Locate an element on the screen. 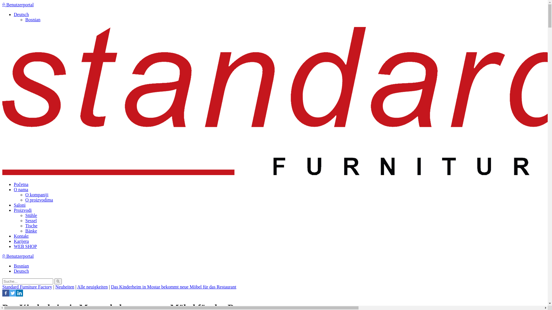 The image size is (552, 310). 'Standard Furniture Factory' is located at coordinates (27, 287).